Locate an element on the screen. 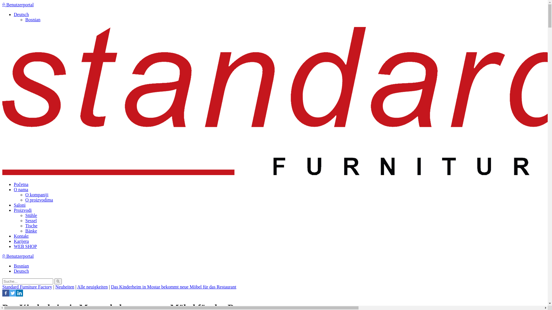 The image size is (552, 310). 'Standard Furniture Factory' is located at coordinates (27, 287).